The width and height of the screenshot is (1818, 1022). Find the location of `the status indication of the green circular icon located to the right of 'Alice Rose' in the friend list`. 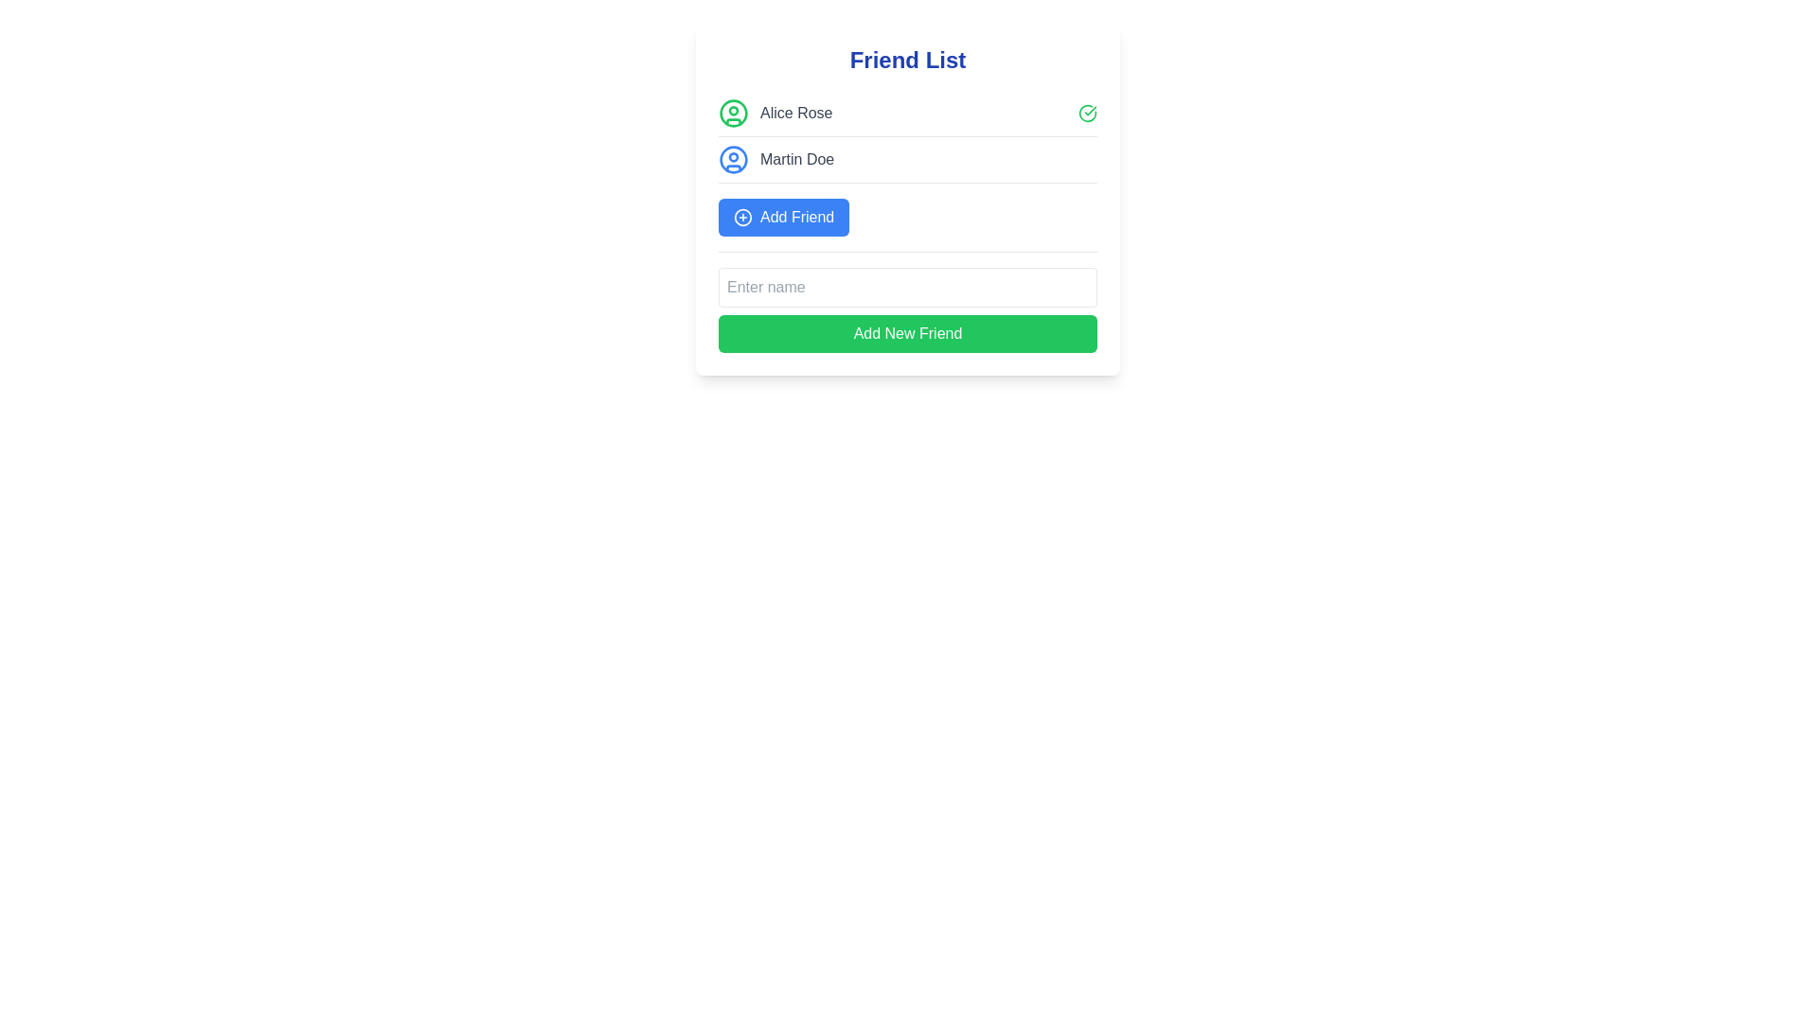

the status indication of the green circular icon located to the right of 'Alice Rose' in the friend list is located at coordinates (1087, 113).